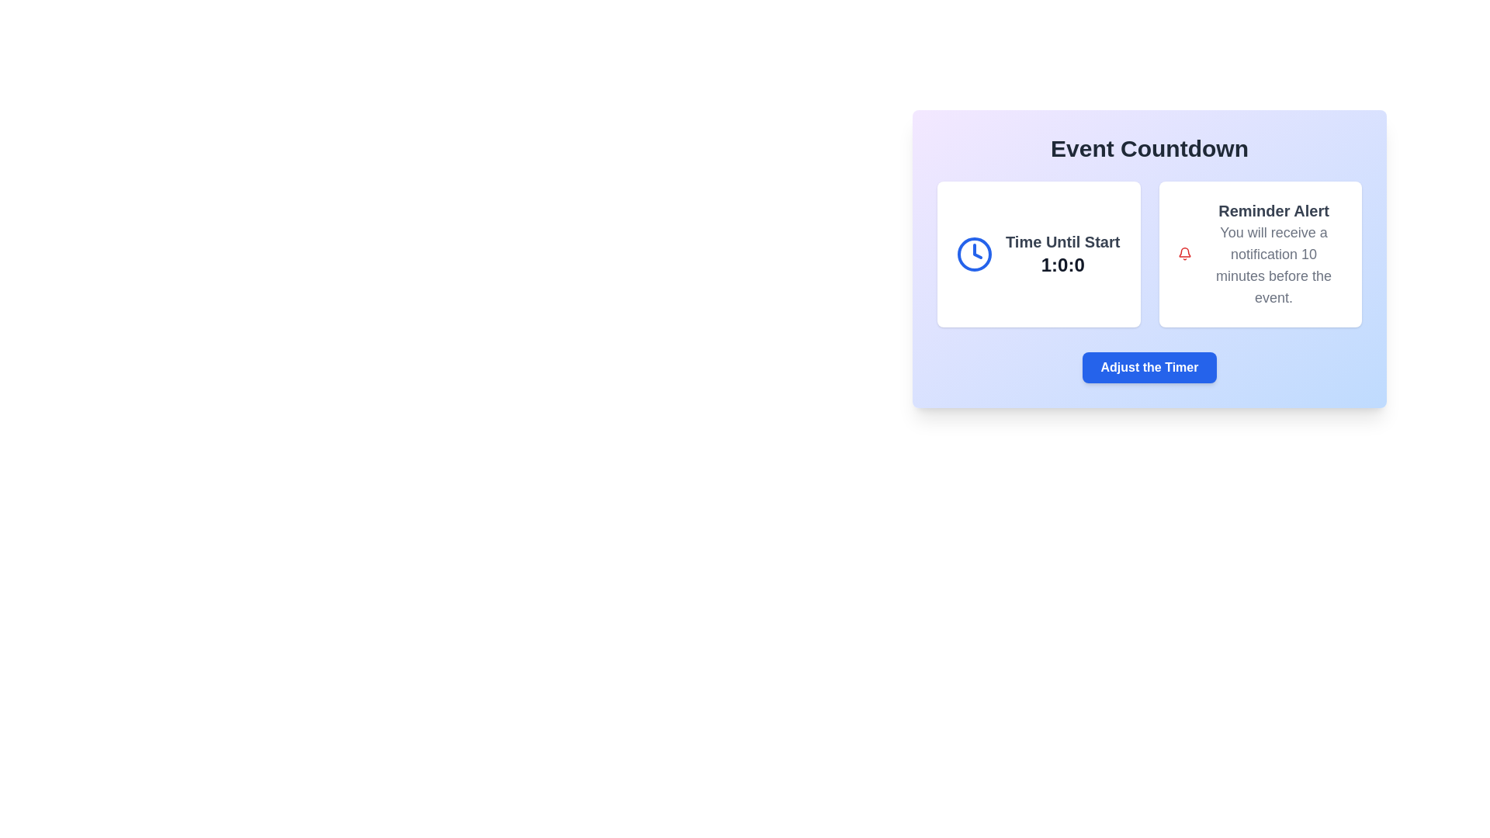 The height and width of the screenshot is (838, 1490). Describe the element at coordinates (974, 253) in the screenshot. I see `the circular clock icon with a blue outline located within the left card labeled 'Time Until Start' in the countdown component` at that location.